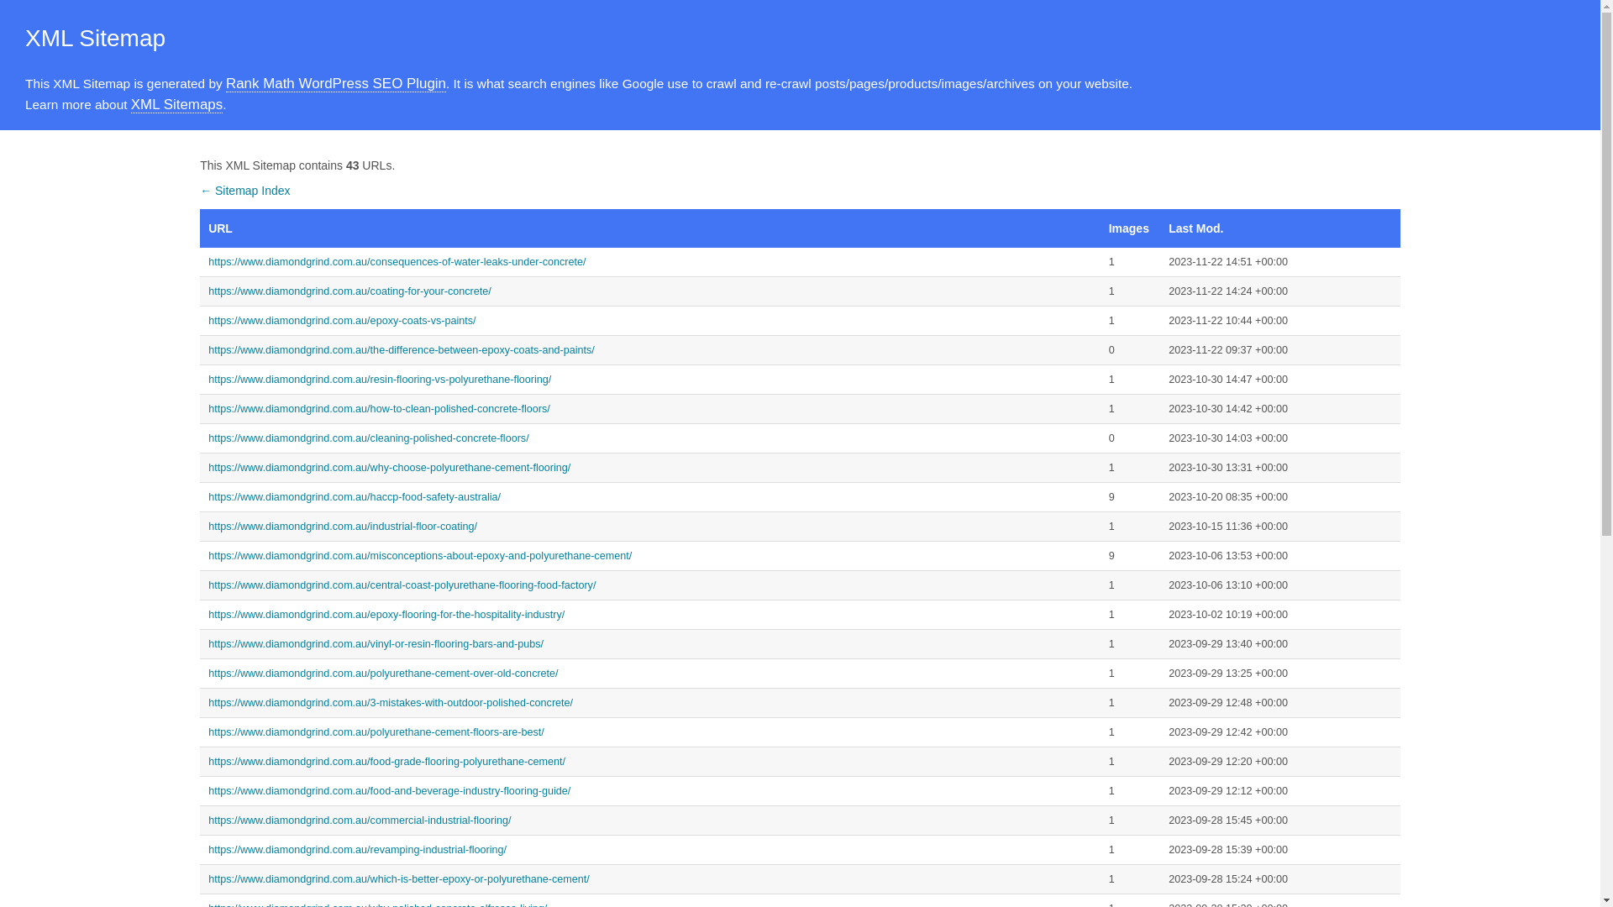 The height and width of the screenshot is (907, 1613). I want to click on 'XML Sitemaps', so click(130, 104).